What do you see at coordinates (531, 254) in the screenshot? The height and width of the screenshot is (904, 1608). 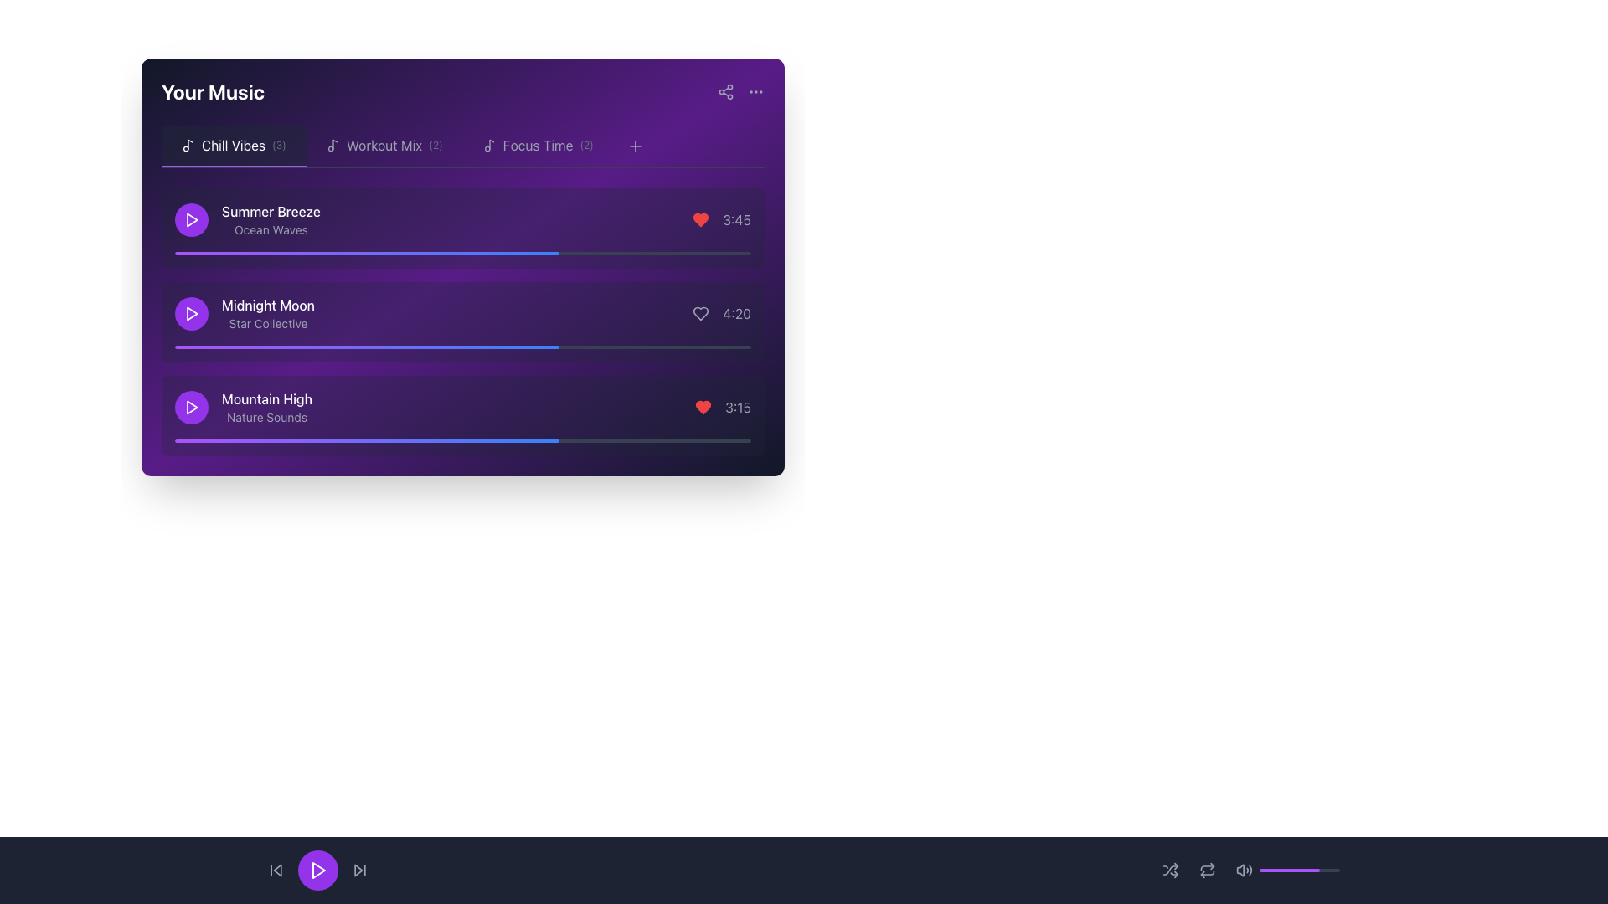 I see `progress` at bounding box center [531, 254].